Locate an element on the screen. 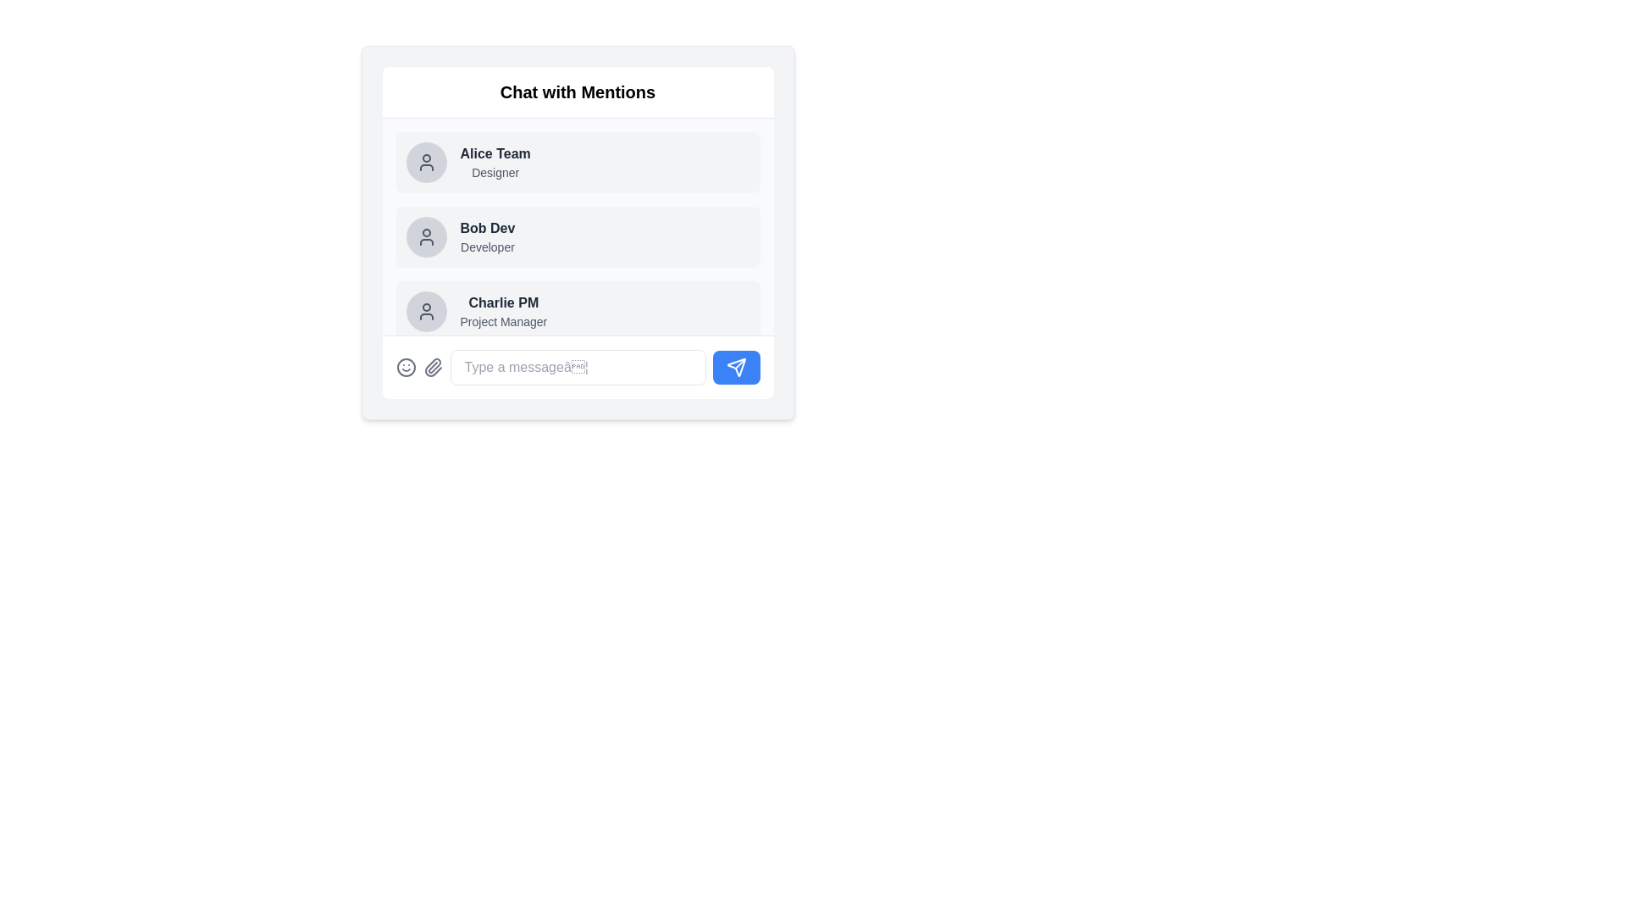 The height and width of the screenshot is (915, 1626). the user profile avatar for 'Charlie PM', which is located in the third item of the 'Chat with Mentions' list, positioned directly to the left of the text 'Charlie PM' and 'Project Manager' is located at coordinates (426, 311).